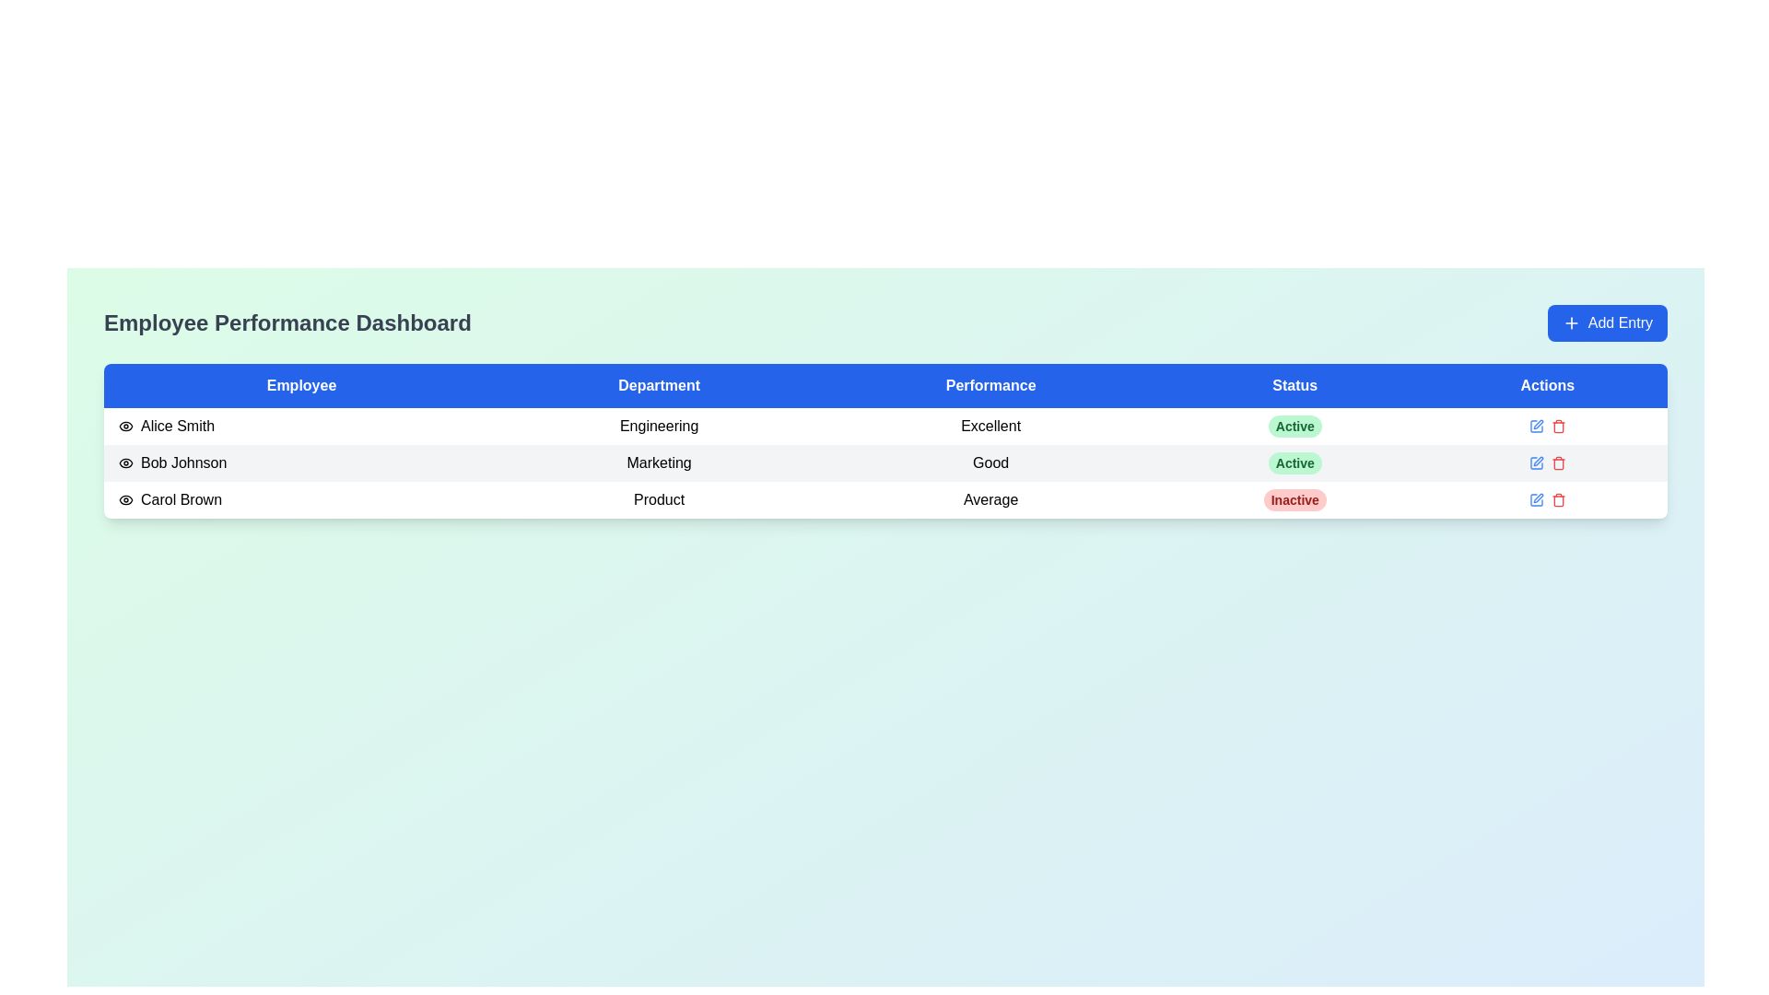  Describe the element at coordinates (990, 462) in the screenshot. I see `performance evaluation text ('Good') for Bob Johnson, located in the third column of the second row of the table` at that location.